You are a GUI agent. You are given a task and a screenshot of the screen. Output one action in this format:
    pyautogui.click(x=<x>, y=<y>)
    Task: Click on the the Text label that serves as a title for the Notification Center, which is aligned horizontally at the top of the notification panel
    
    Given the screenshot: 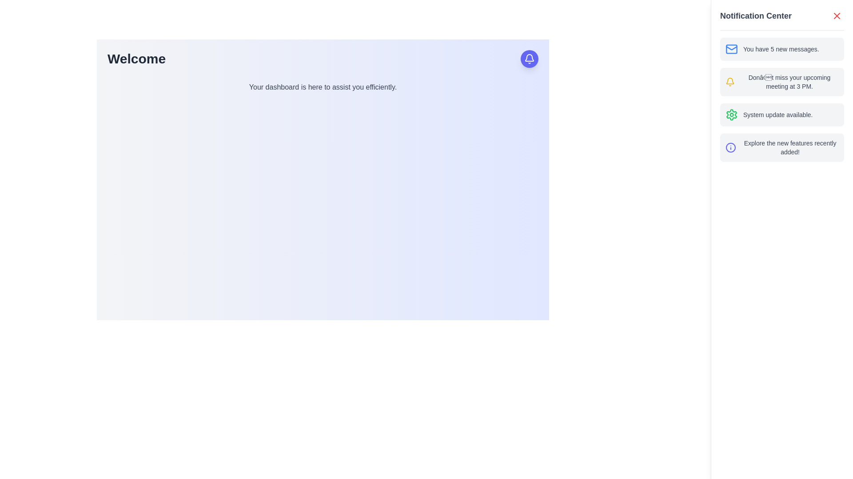 What is the action you would take?
    pyautogui.click(x=755, y=16)
    